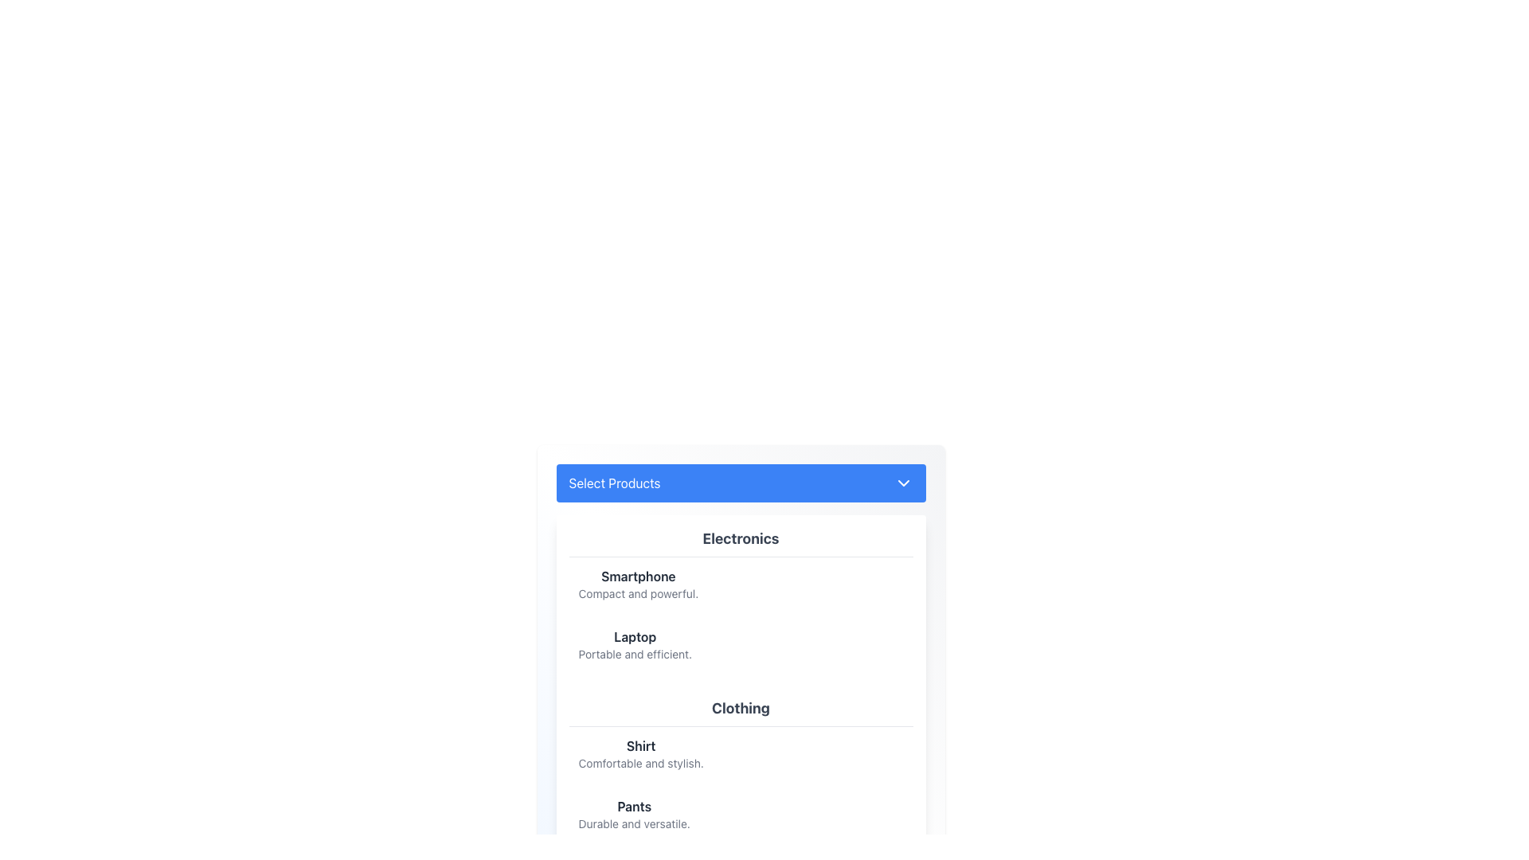  Describe the element at coordinates (740, 708) in the screenshot. I see `label that identifies the section of items related to clothing, positioned above the descriptions of 'Shirt' and 'Pants'` at that location.